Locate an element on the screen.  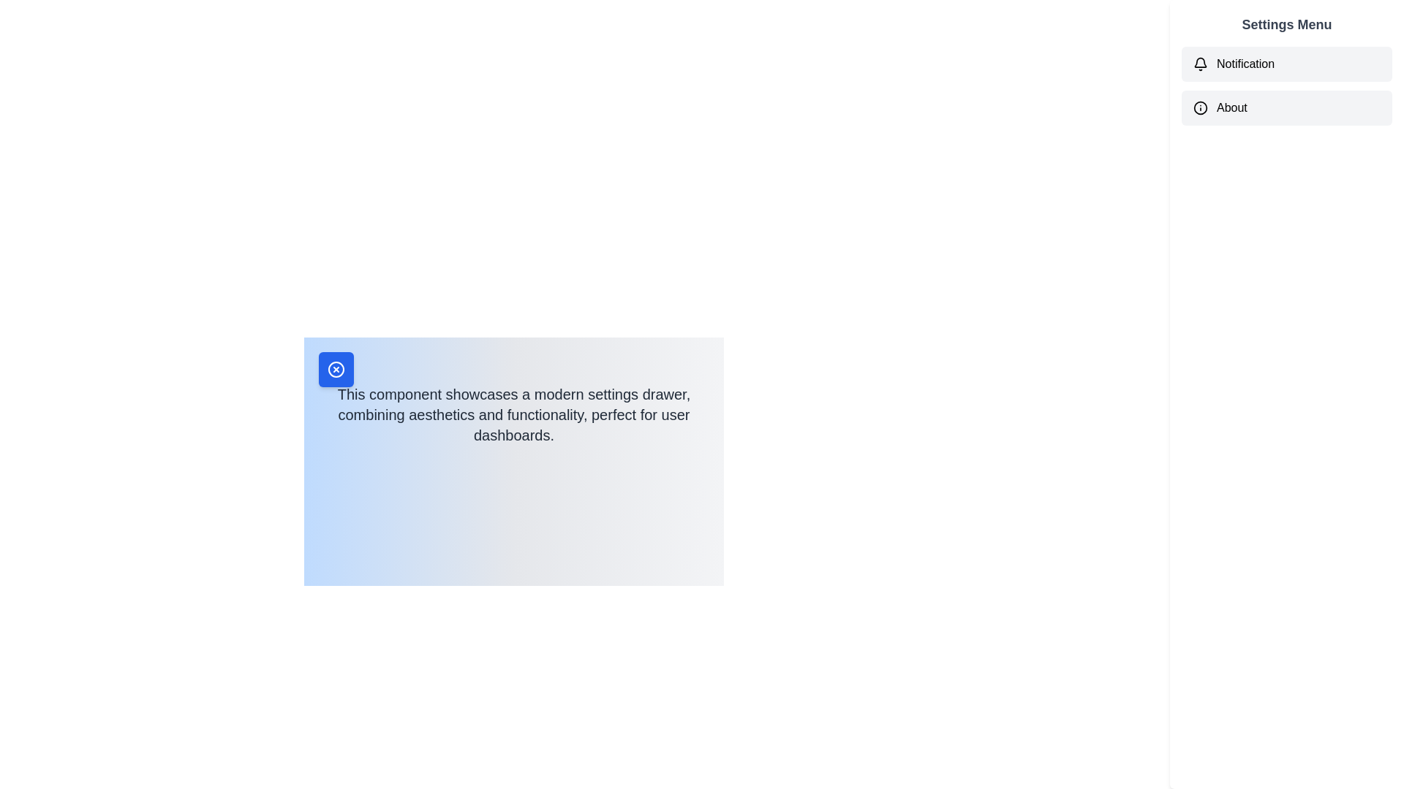
the purely decorative SVG graphic element located to the left of the 'About' menu item in the 'Settings Menu' section is located at coordinates (1200, 107).